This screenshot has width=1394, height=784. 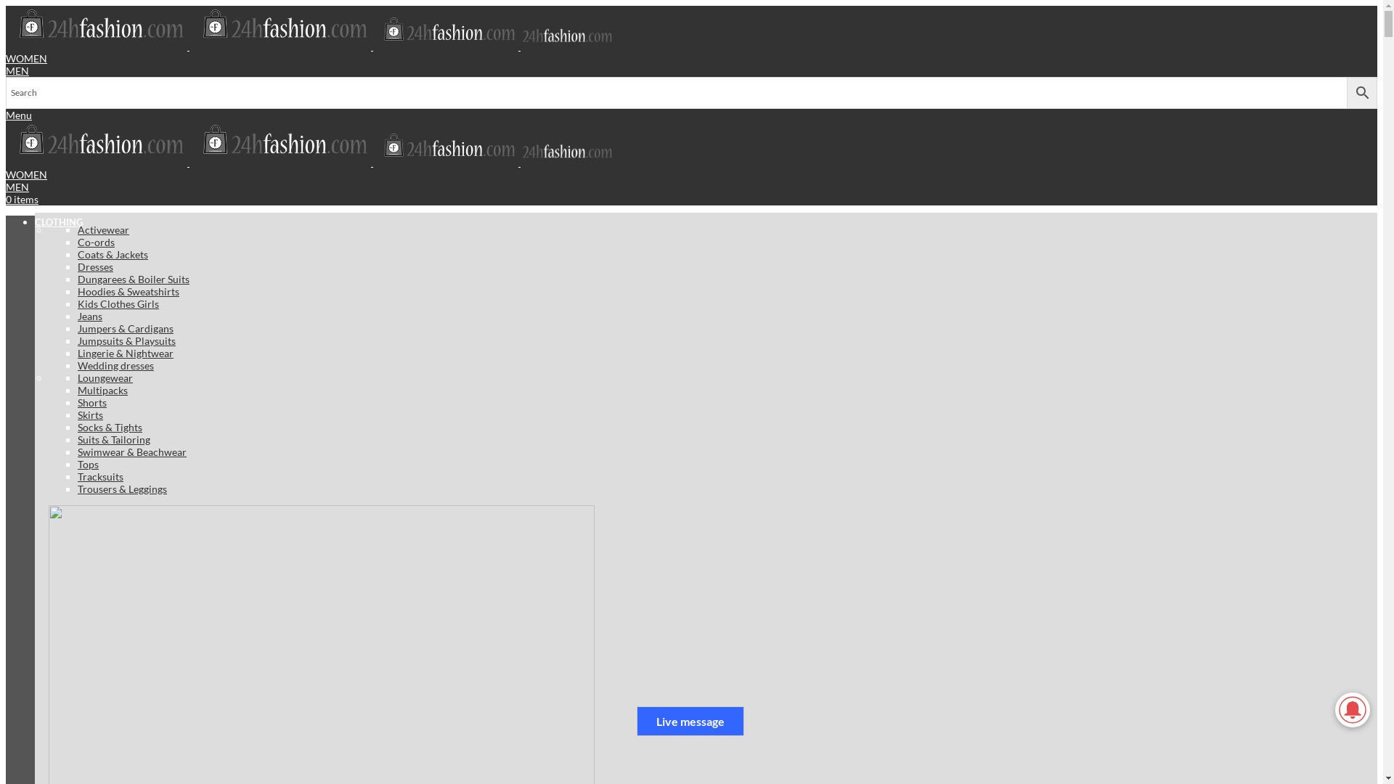 I want to click on 'Dungarees & Boiler Suits', so click(x=133, y=279).